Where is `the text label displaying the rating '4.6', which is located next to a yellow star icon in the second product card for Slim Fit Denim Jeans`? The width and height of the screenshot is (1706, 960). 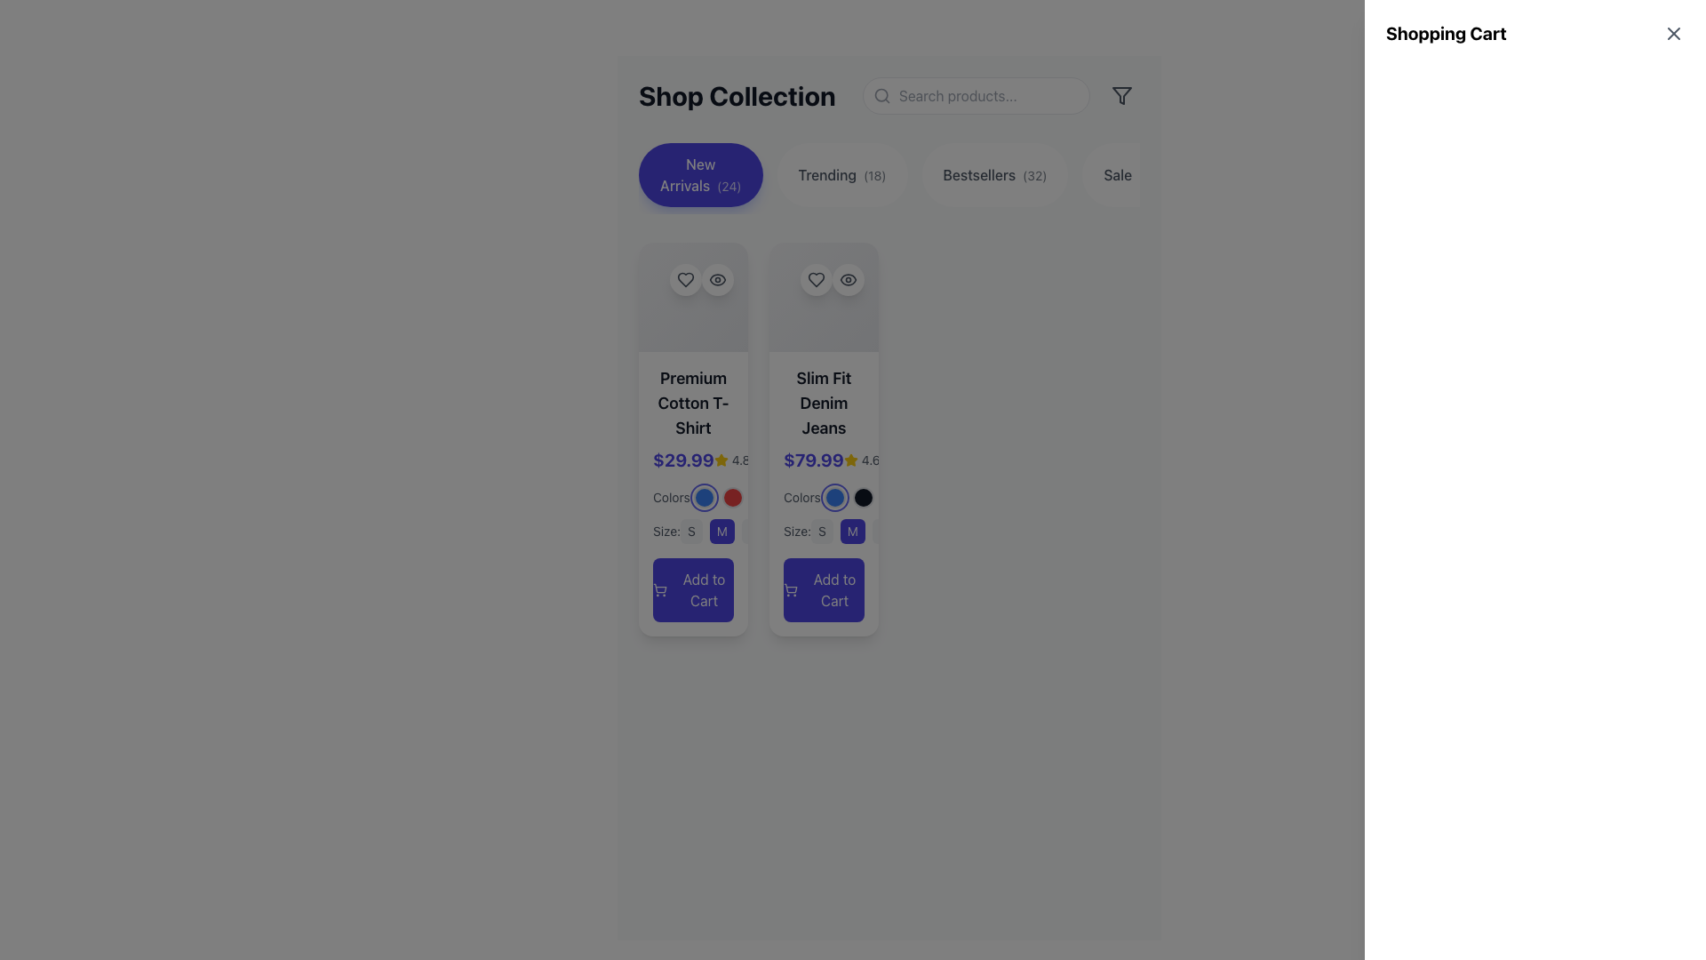
the text label displaying the rating '4.6', which is located next to a yellow star icon in the second product card for Slim Fit Denim Jeans is located at coordinates (871, 459).